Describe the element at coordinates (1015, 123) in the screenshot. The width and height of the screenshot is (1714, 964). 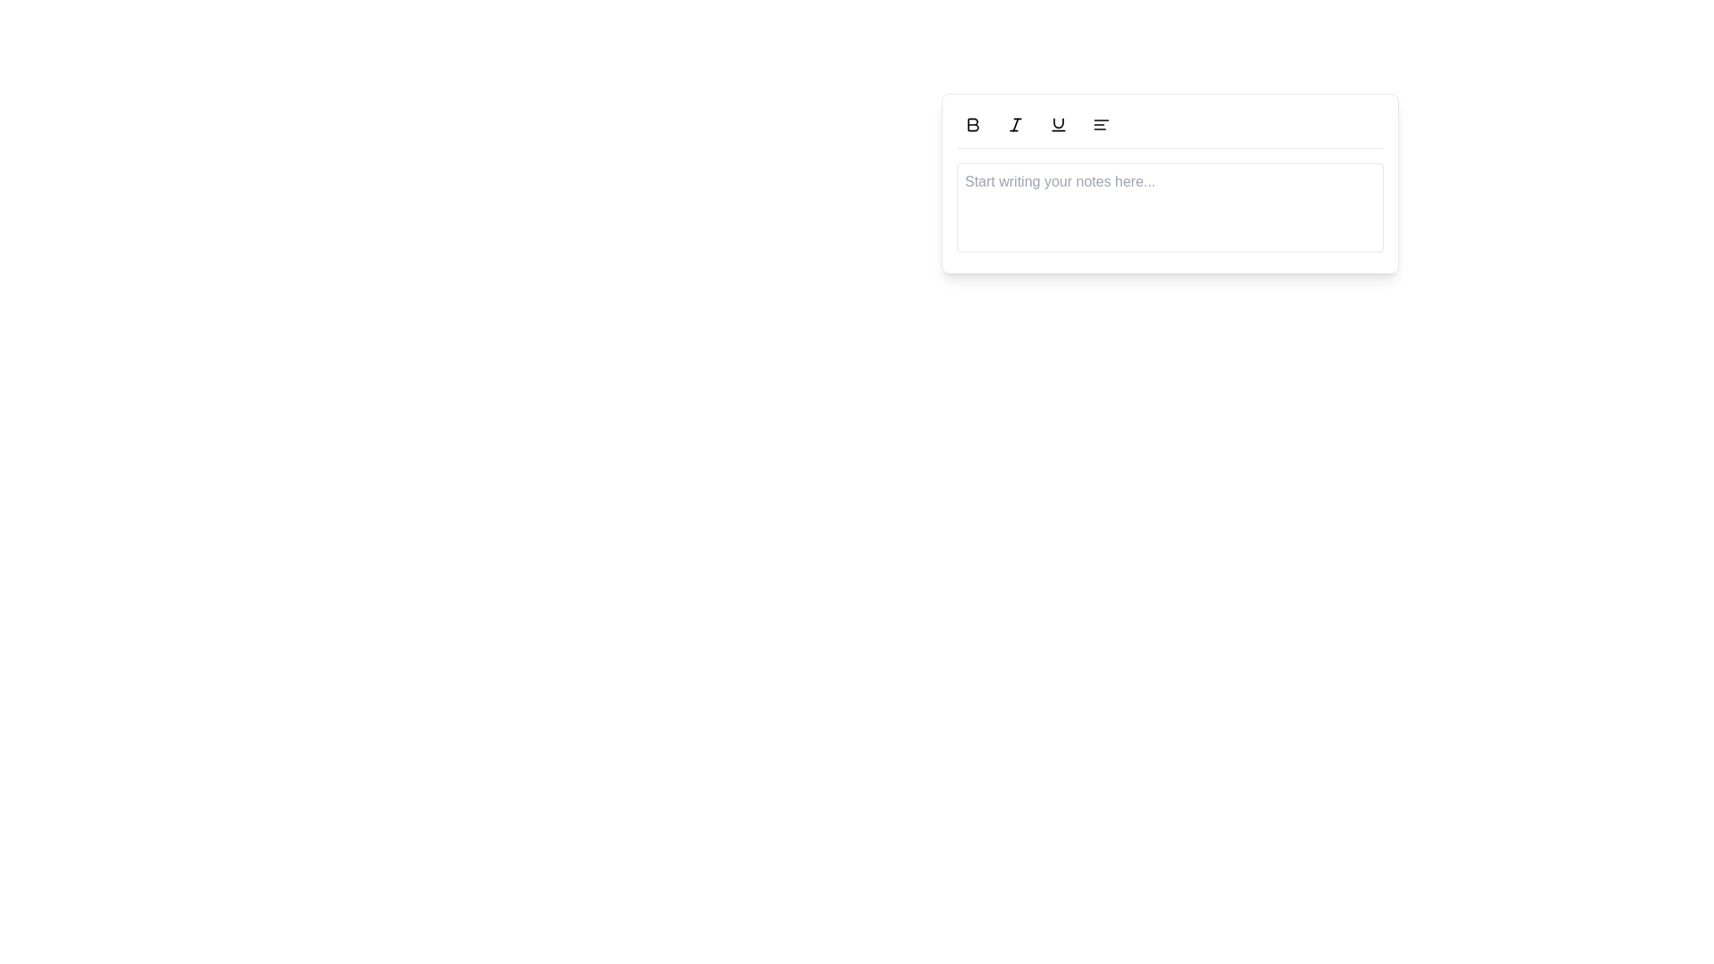
I see `the italic formatting button, which is styled with padding and changes to light gray on hover, located near the top-left corner of the note editing interface` at that location.